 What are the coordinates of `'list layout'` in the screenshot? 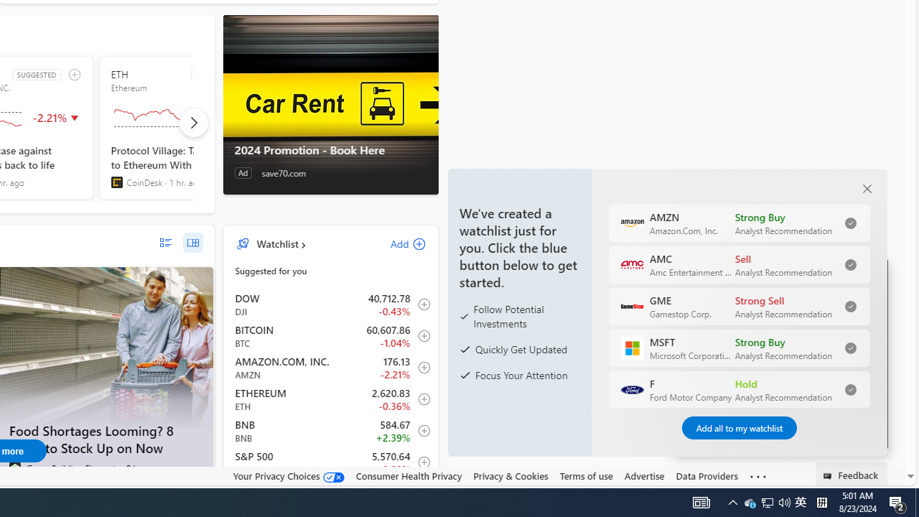 It's located at (165, 242).